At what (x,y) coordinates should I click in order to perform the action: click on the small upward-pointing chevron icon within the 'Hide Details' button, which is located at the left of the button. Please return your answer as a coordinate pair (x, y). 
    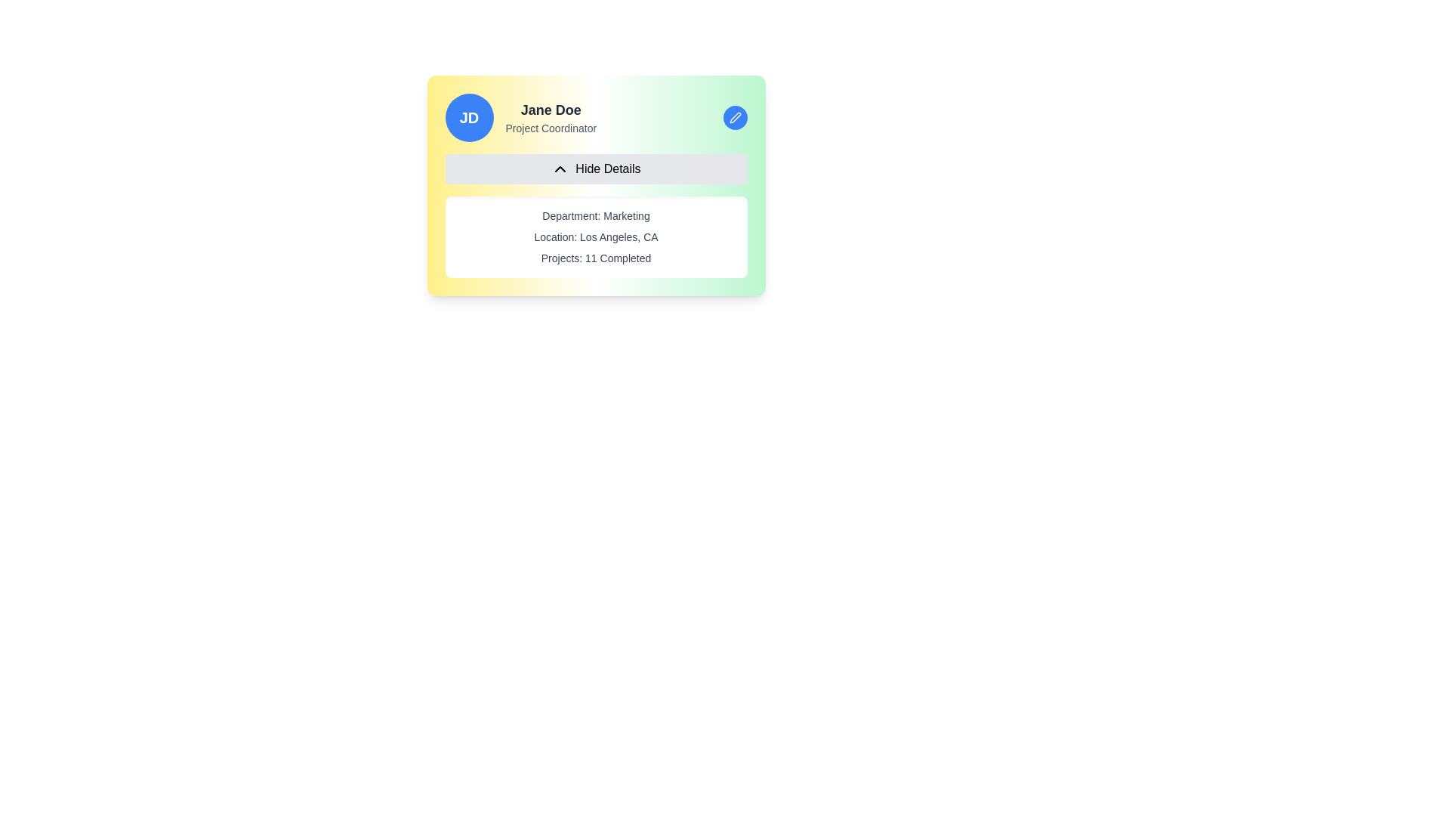
    Looking at the image, I should click on (560, 168).